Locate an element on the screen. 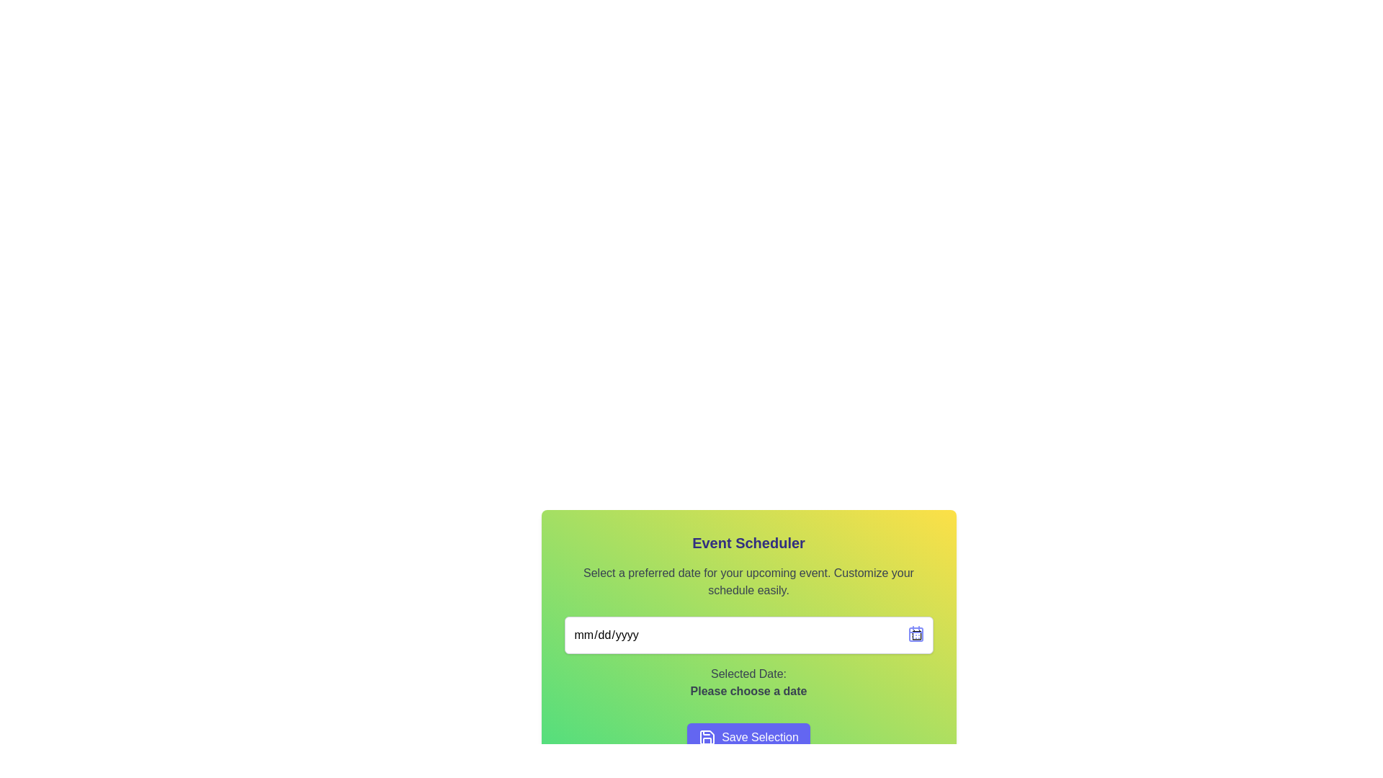  the blue 'Save Selection' button with white text and a save icon is located at coordinates (748, 737).